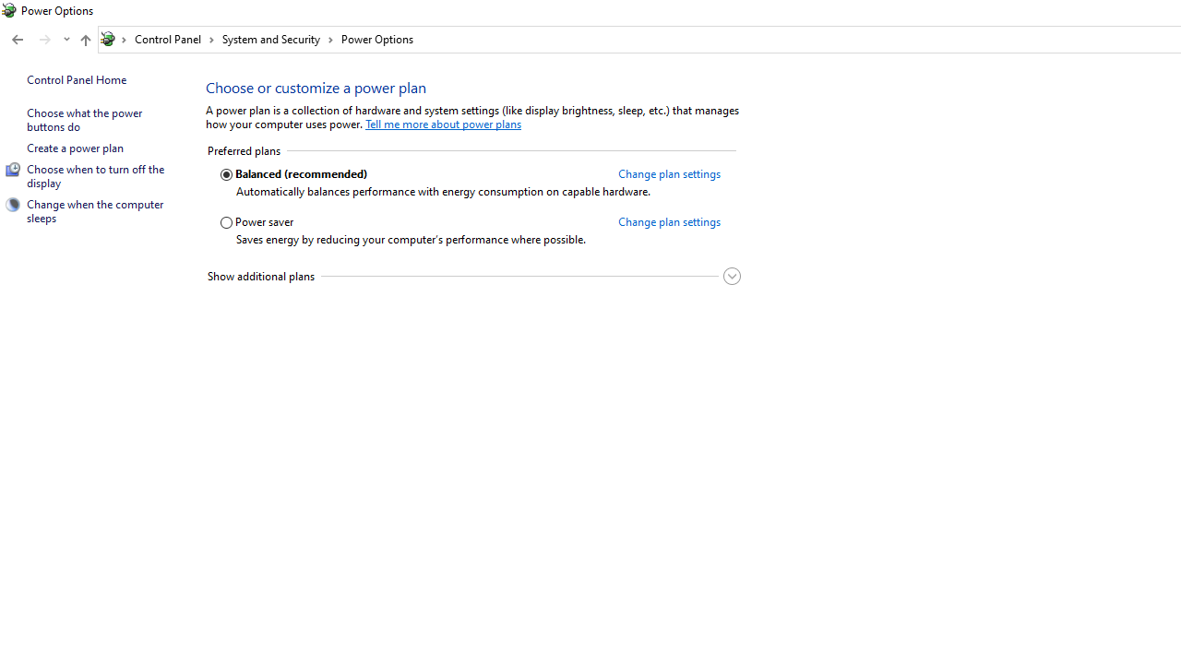 The height and width of the screenshot is (664, 1181). What do you see at coordinates (95, 209) in the screenshot?
I see `'Change when the computer sleeps'` at bounding box center [95, 209].